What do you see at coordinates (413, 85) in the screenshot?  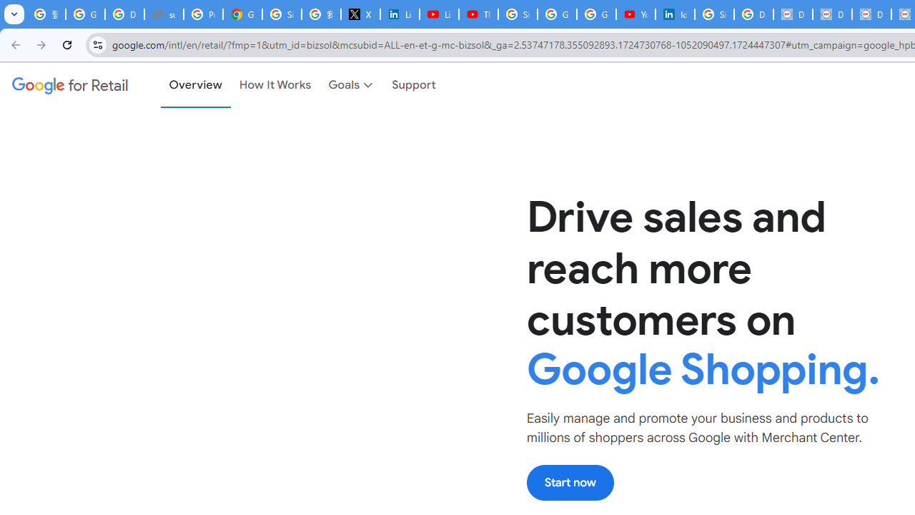 I see `'Support'` at bounding box center [413, 85].